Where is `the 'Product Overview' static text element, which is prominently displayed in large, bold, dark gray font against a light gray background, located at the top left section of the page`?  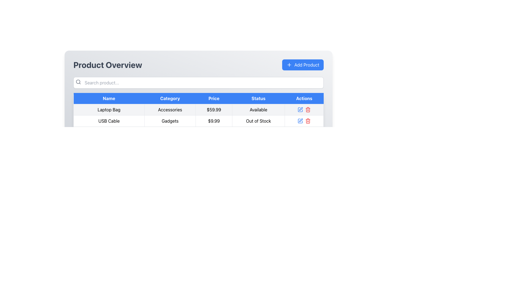 the 'Product Overview' static text element, which is prominently displayed in large, bold, dark gray font against a light gray background, located at the top left section of the page is located at coordinates (108, 64).